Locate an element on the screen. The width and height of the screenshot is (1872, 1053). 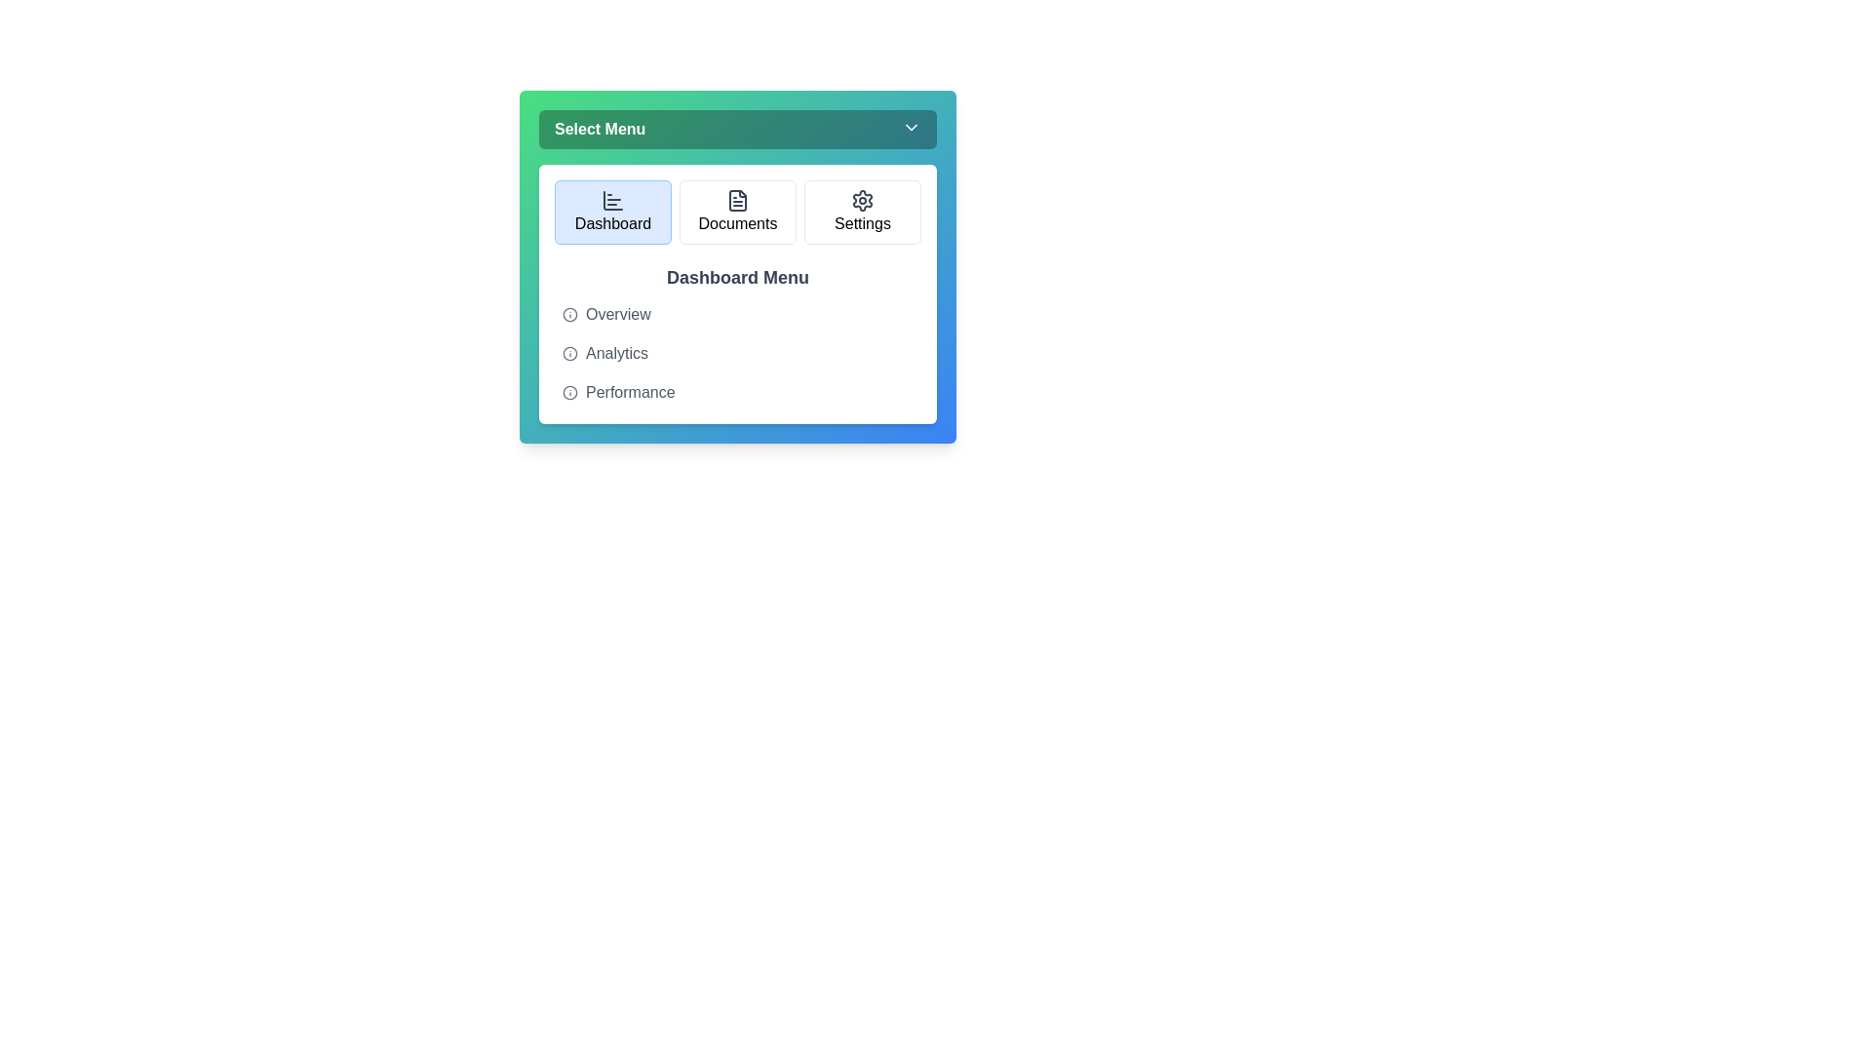
the circular SVG icon representing the information icon, located at the top-left section of the user menu preceding the 'Overview' label is located at coordinates (569, 353).